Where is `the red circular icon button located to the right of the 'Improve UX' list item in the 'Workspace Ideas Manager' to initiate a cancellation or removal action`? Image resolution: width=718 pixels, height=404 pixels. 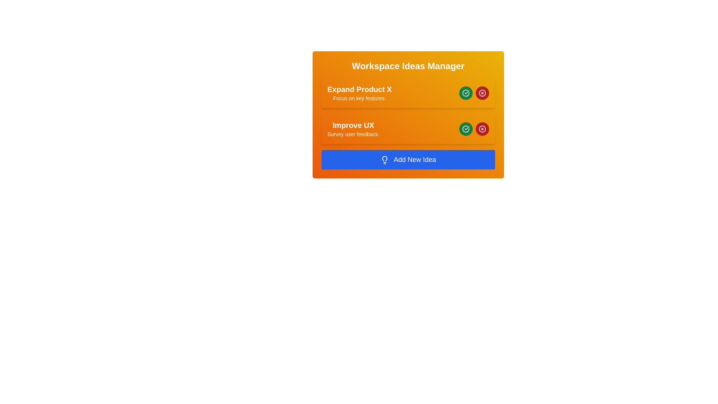
the red circular icon button located to the right of the 'Improve UX' list item in the 'Workspace Ideas Manager' to initiate a cancellation or removal action is located at coordinates (482, 128).